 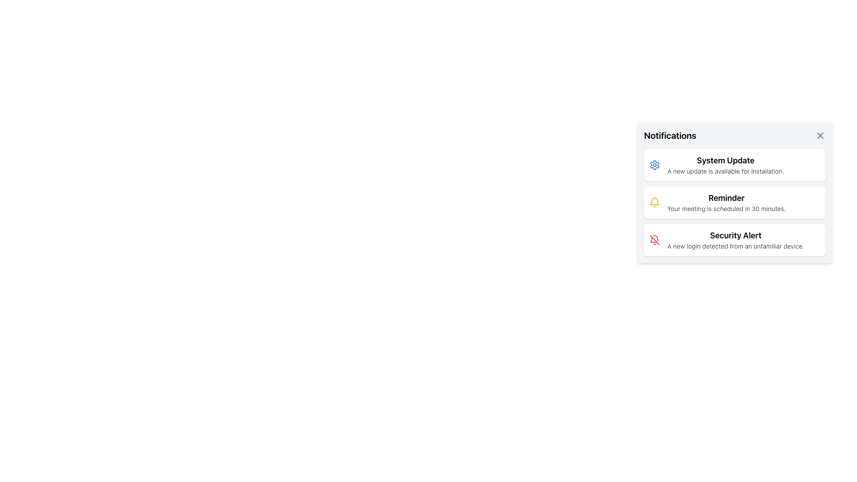 What do you see at coordinates (735, 165) in the screenshot?
I see `the content of the 'System Update' notification item, which features a gear icon and is the first item in the notification list` at bounding box center [735, 165].